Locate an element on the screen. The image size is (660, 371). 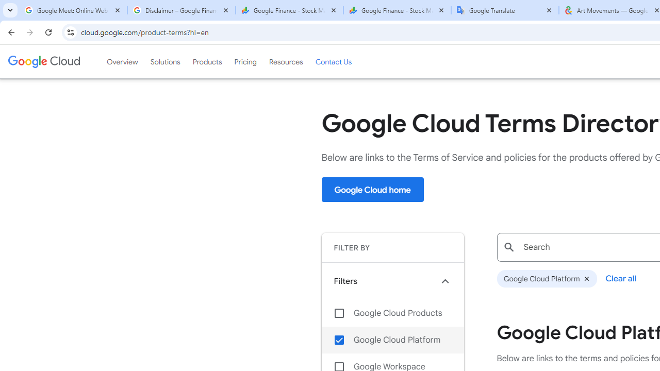
'Google Translate' is located at coordinates (505, 10).